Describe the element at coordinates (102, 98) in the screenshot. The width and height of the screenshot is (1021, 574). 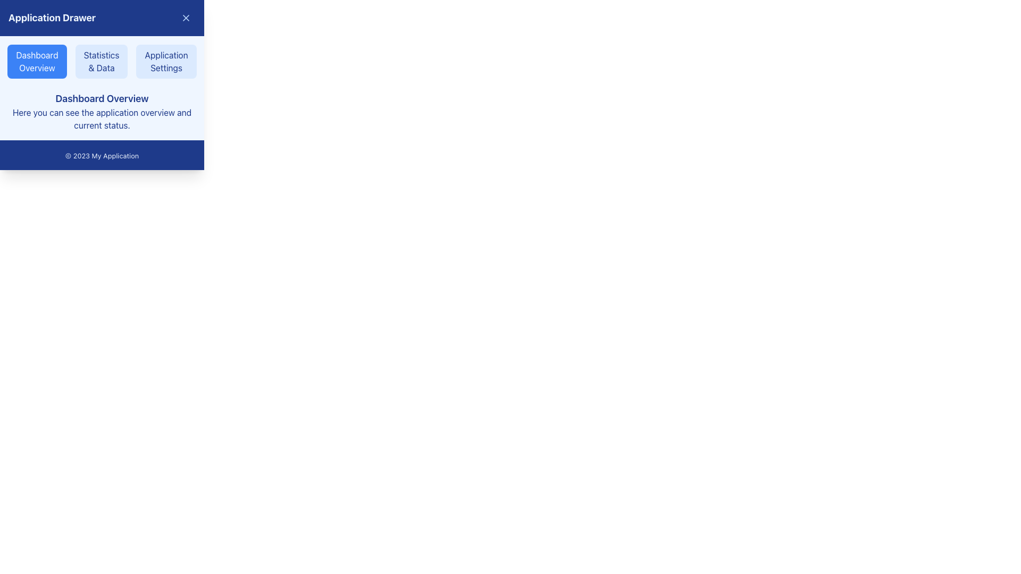
I see `the 'Dashboard Overview' text label, which is bold and dark blue, located in the 'Application Drawer' area above the descriptive text starting with 'Here you can see...'` at that location.